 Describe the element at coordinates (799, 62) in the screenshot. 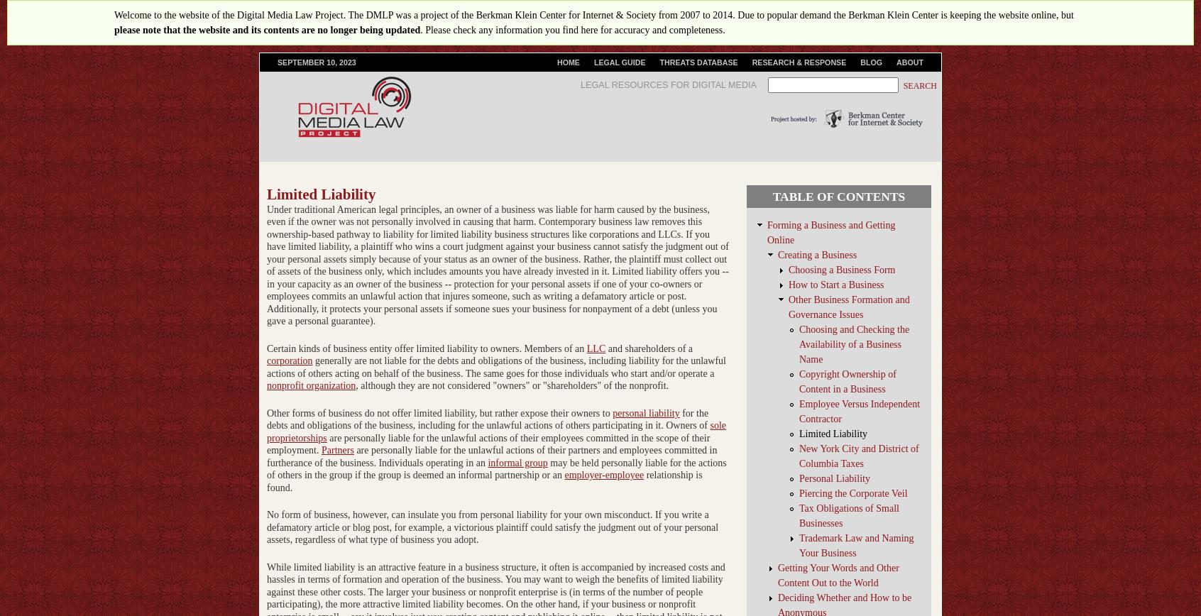

I see `'Research & Response'` at that location.